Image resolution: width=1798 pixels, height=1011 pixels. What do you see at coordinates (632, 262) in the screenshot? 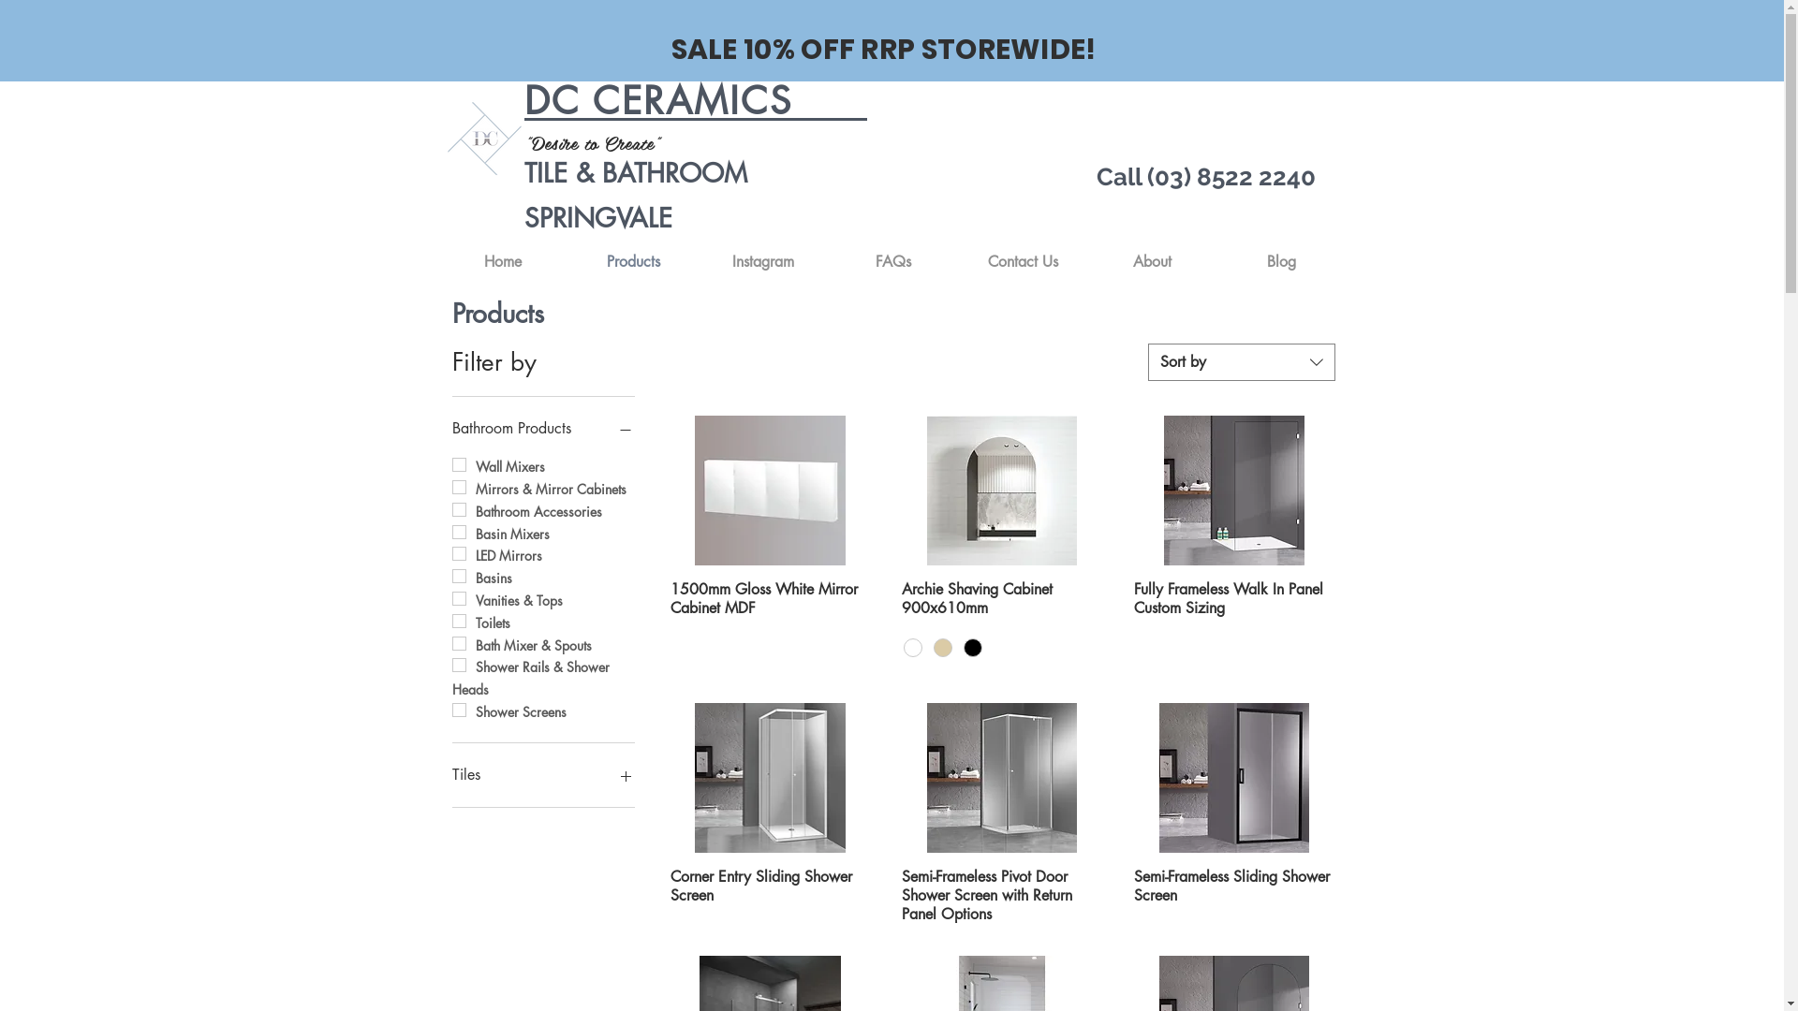
I see `'Products'` at bounding box center [632, 262].